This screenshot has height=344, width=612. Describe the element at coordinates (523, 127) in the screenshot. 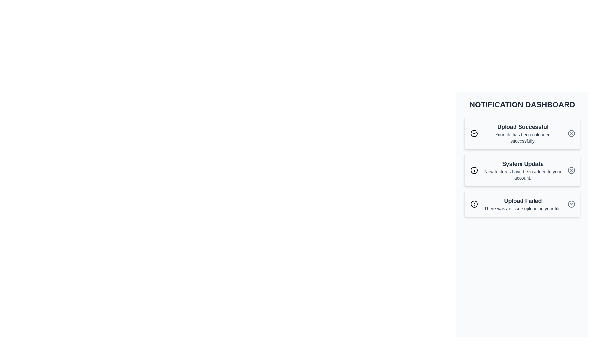

I see `title text of the notification located at the top of the notification card in the 'Notification Dashboard', which summarizes the associated message` at that location.